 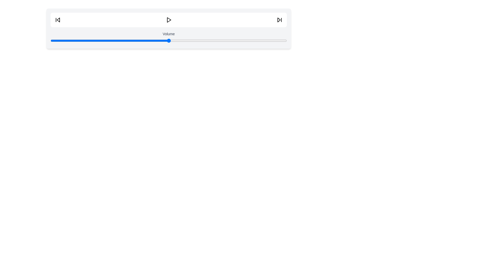 I want to click on the skip-forward button, which is represented by a right-pointing triangle and a vertical line, located at the far right of the horizontal control bar, so click(x=279, y=20).